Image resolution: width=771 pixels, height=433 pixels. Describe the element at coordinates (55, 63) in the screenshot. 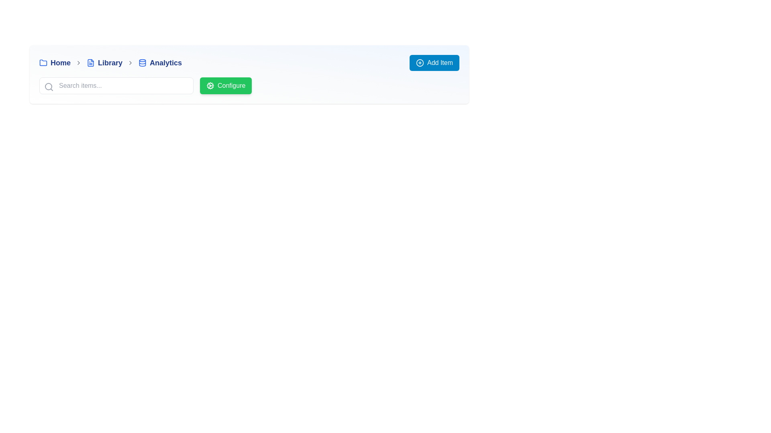

I see `the 'Home' Breadcrumb navigation link with a folder icon` at that location.